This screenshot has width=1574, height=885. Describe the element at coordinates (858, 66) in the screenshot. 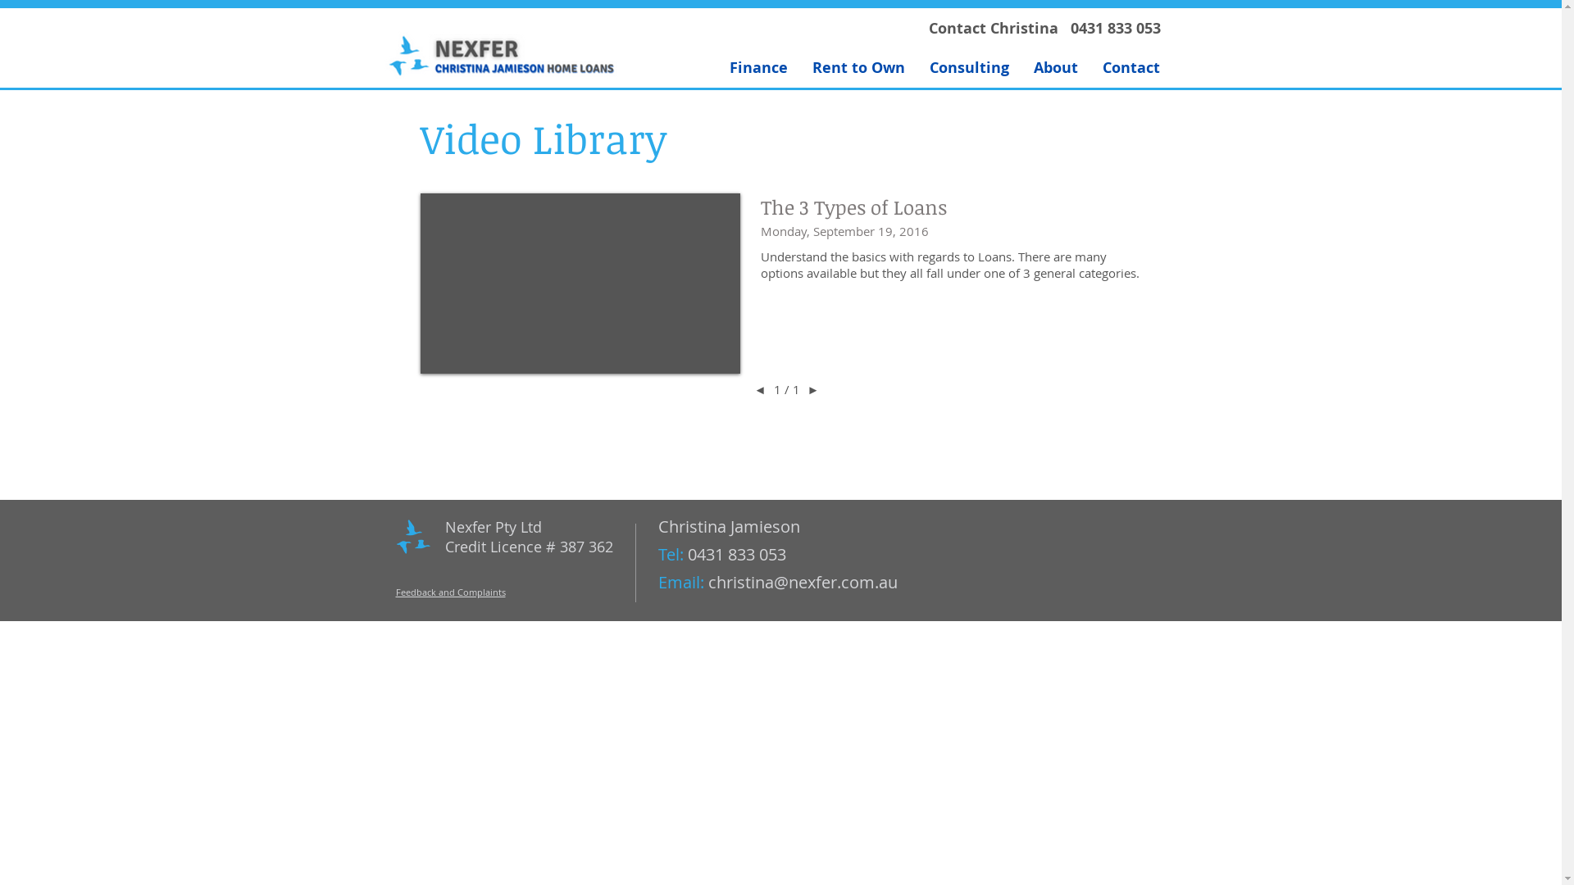

I see `'Rent to Own'` at that location.